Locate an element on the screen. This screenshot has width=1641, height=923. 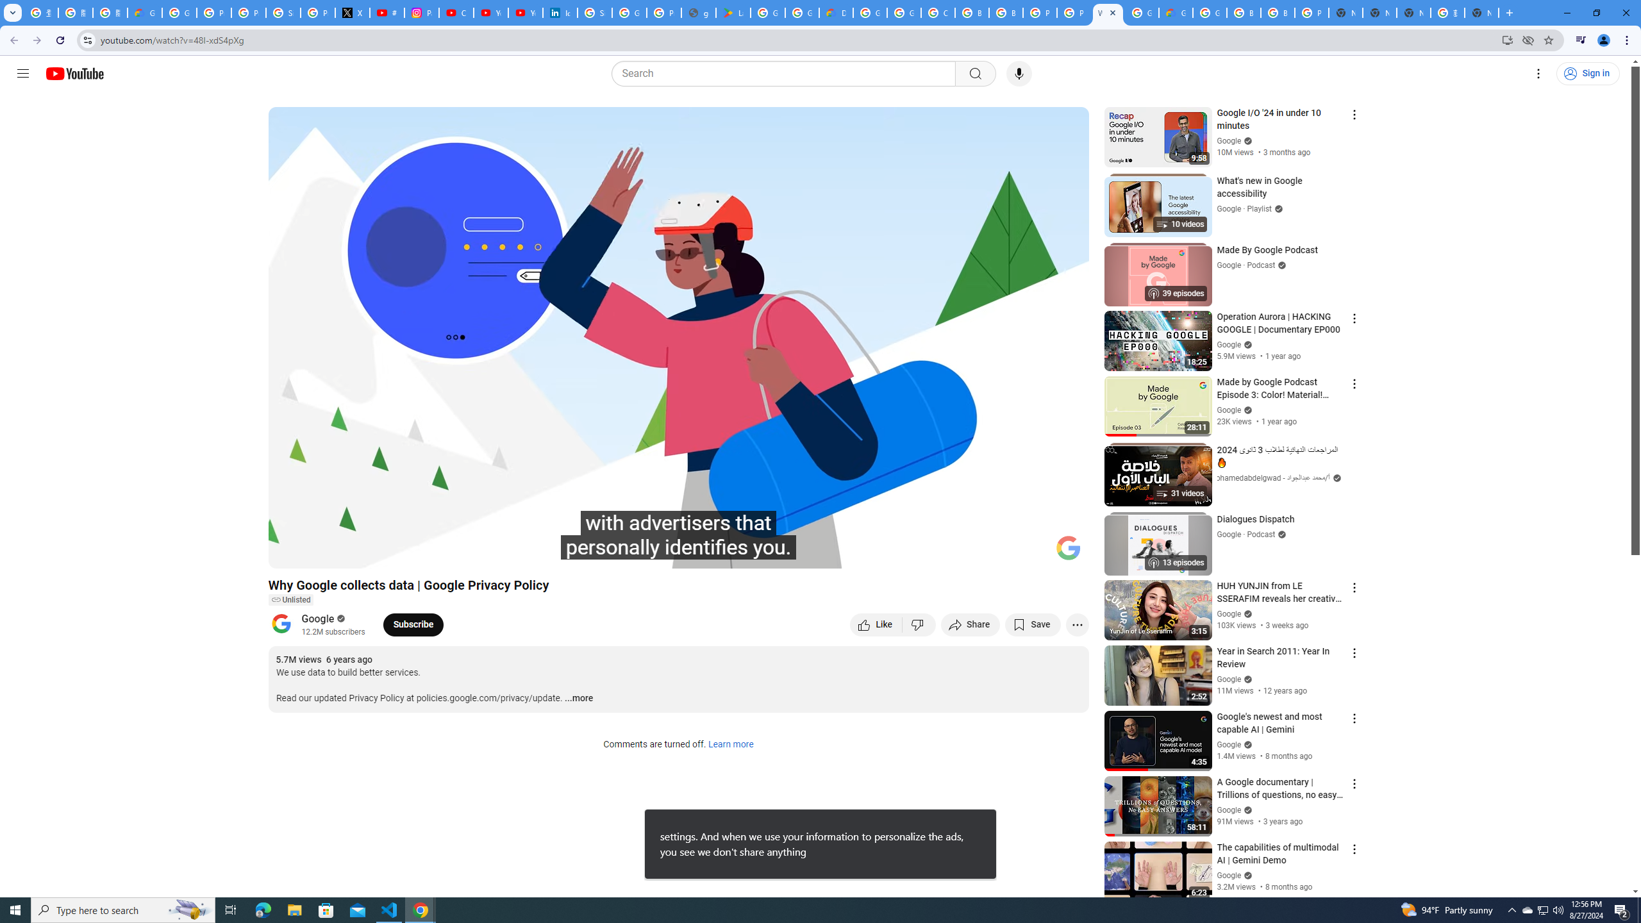
'YouTube Home' is located at coordinates (74, 73).